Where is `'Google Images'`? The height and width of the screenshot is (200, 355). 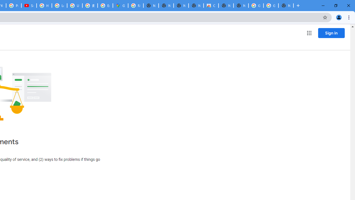
'Google Images' is located at coordinates (255, 6).